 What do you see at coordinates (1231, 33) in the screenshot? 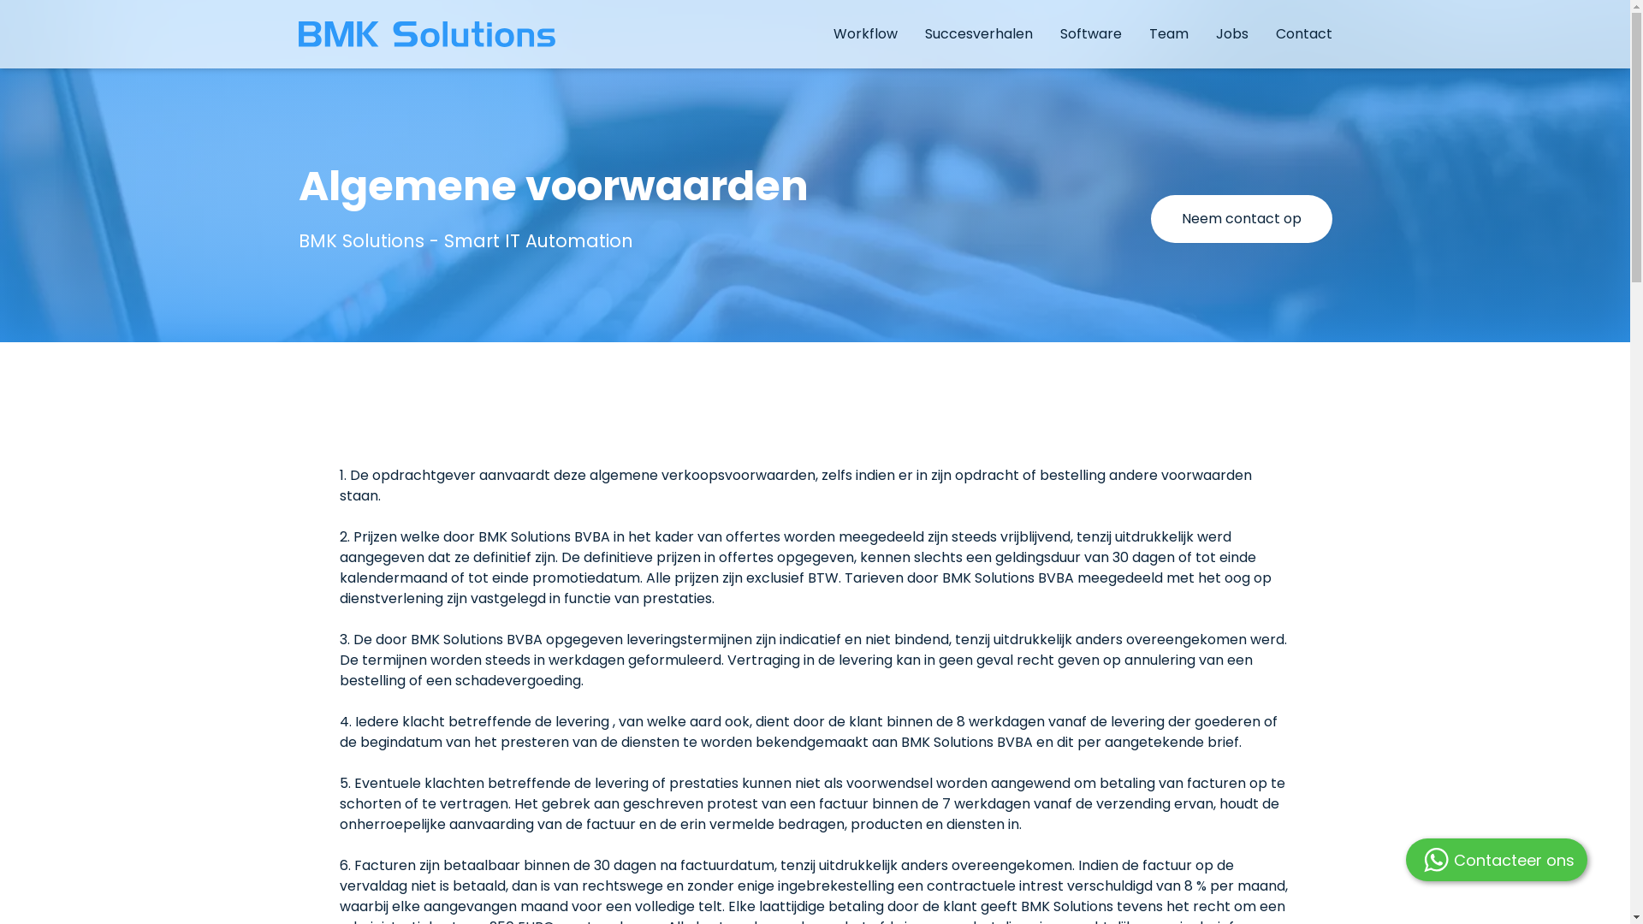
I see `'Jobs'` at bounding box center [1231, 33].